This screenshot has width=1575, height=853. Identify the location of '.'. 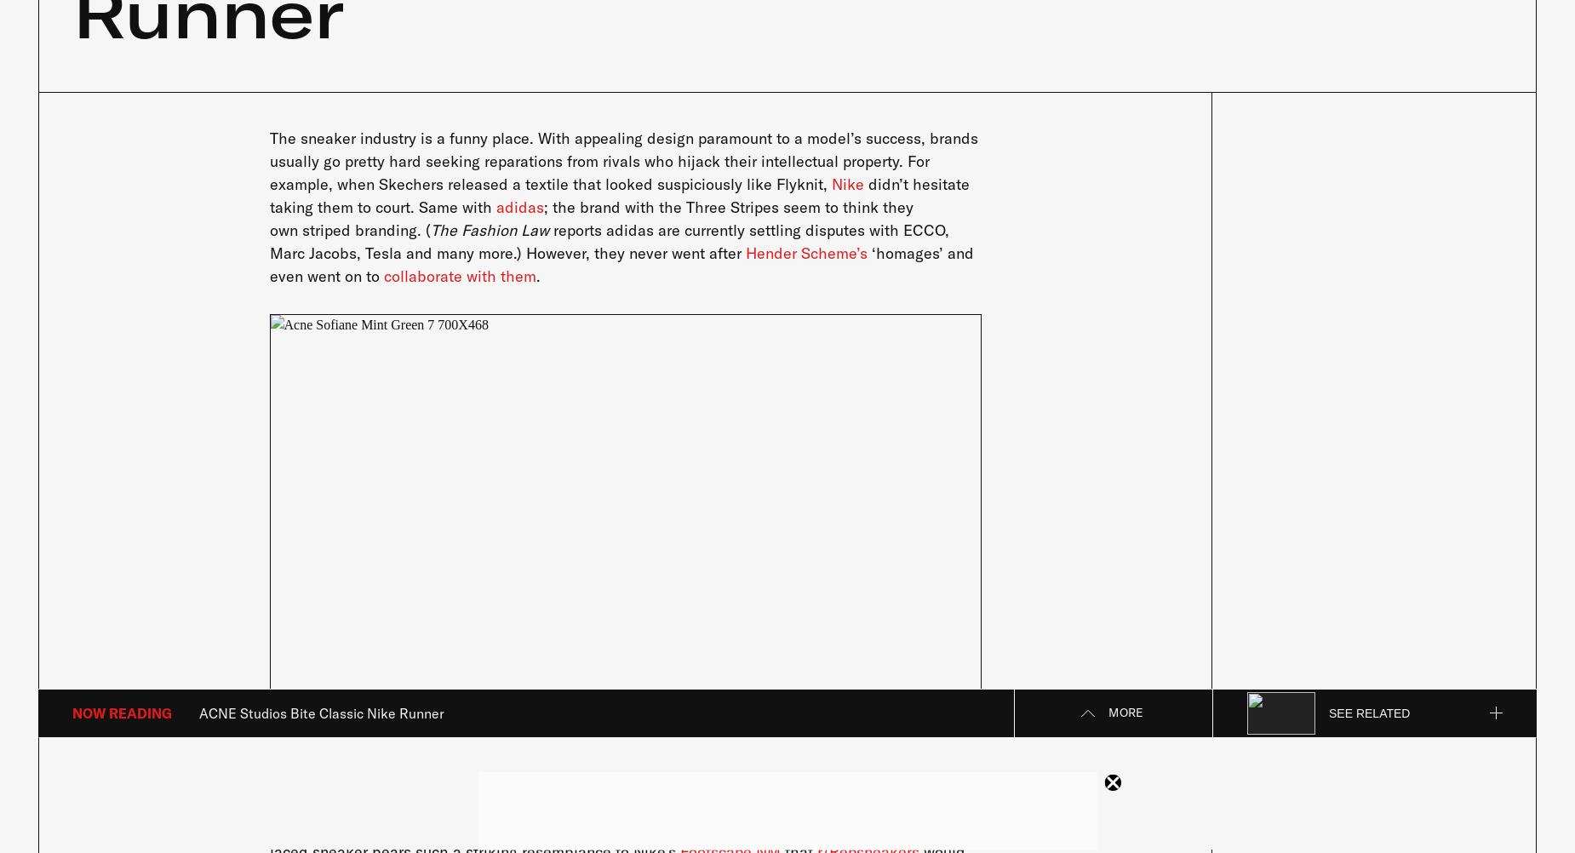
(537, 274).